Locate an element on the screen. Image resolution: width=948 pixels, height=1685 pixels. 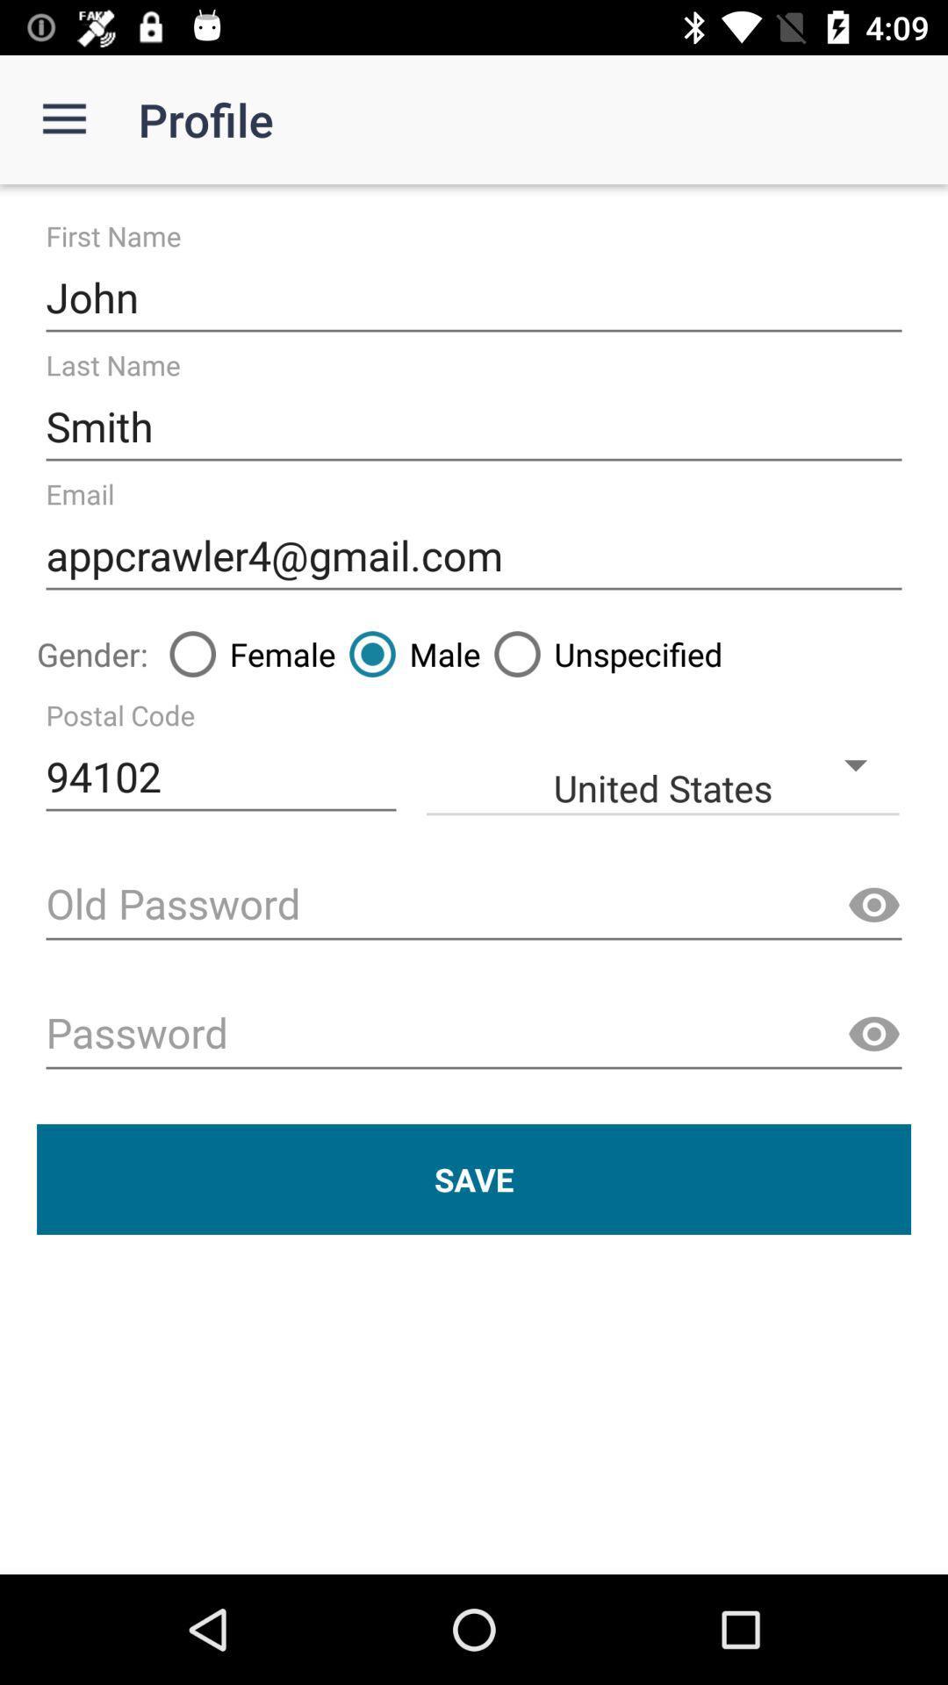
the 94102 icon is located at coordinates (219, 776).